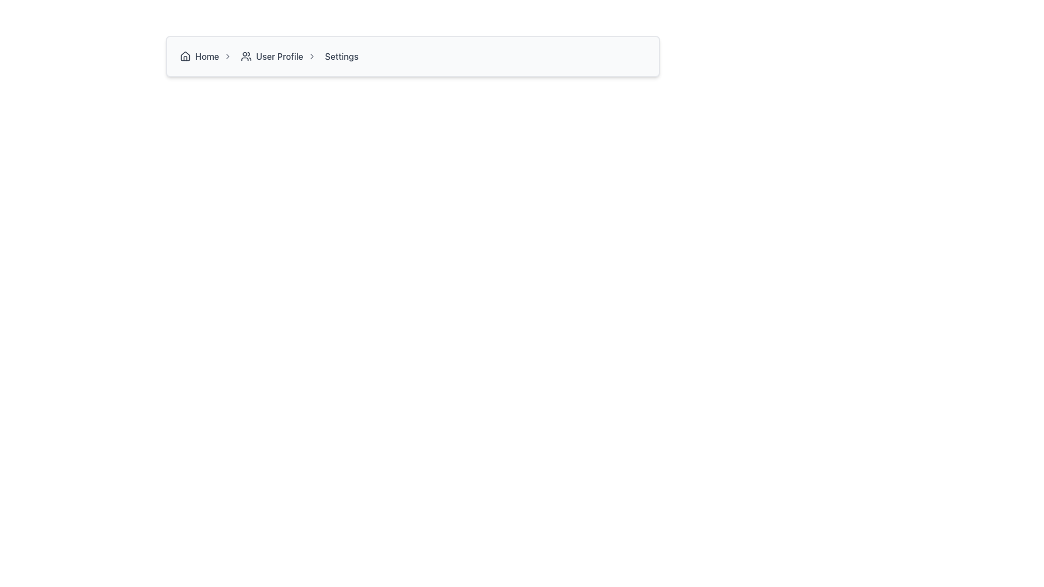  Describe the element at coordinates (279, 57) in the screenshot. I see `text label displaying 'User Profile' in the breadcrumb navigation component, which is the second link between 'Home' and 'Settings'` at that location.